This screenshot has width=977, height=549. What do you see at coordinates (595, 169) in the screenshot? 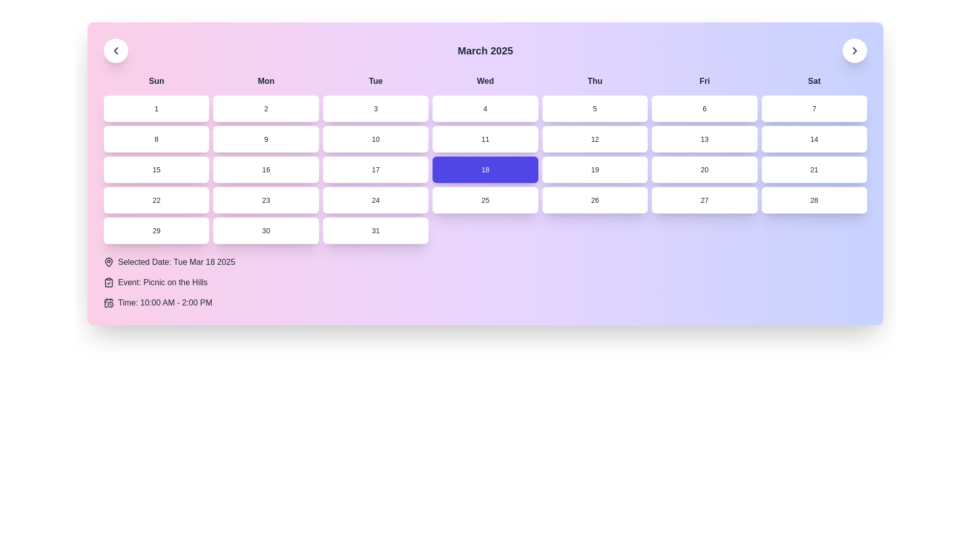
I see `the white rectangular button labeled '19' in the calendar interface, which changes to indigo on hover` at bounding box center [595, 169].